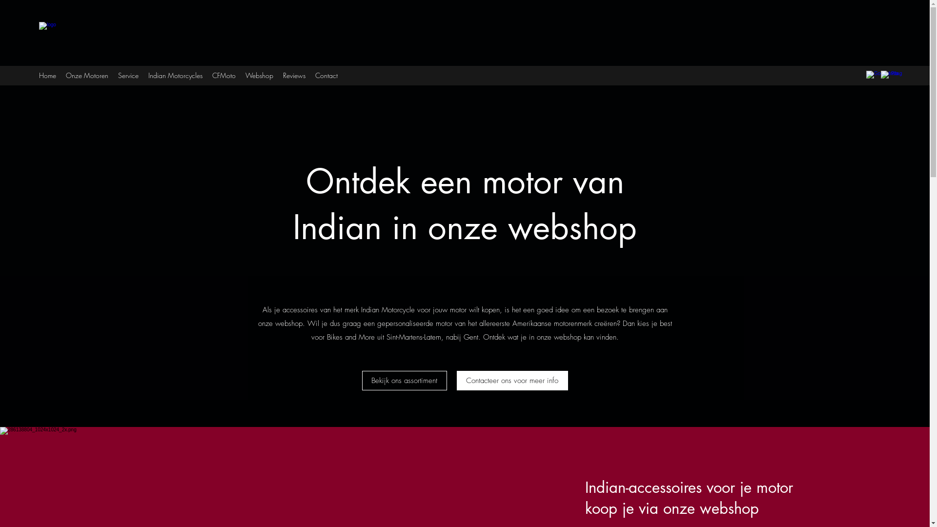  I want to click on 'Webshop', so click(259, 75).